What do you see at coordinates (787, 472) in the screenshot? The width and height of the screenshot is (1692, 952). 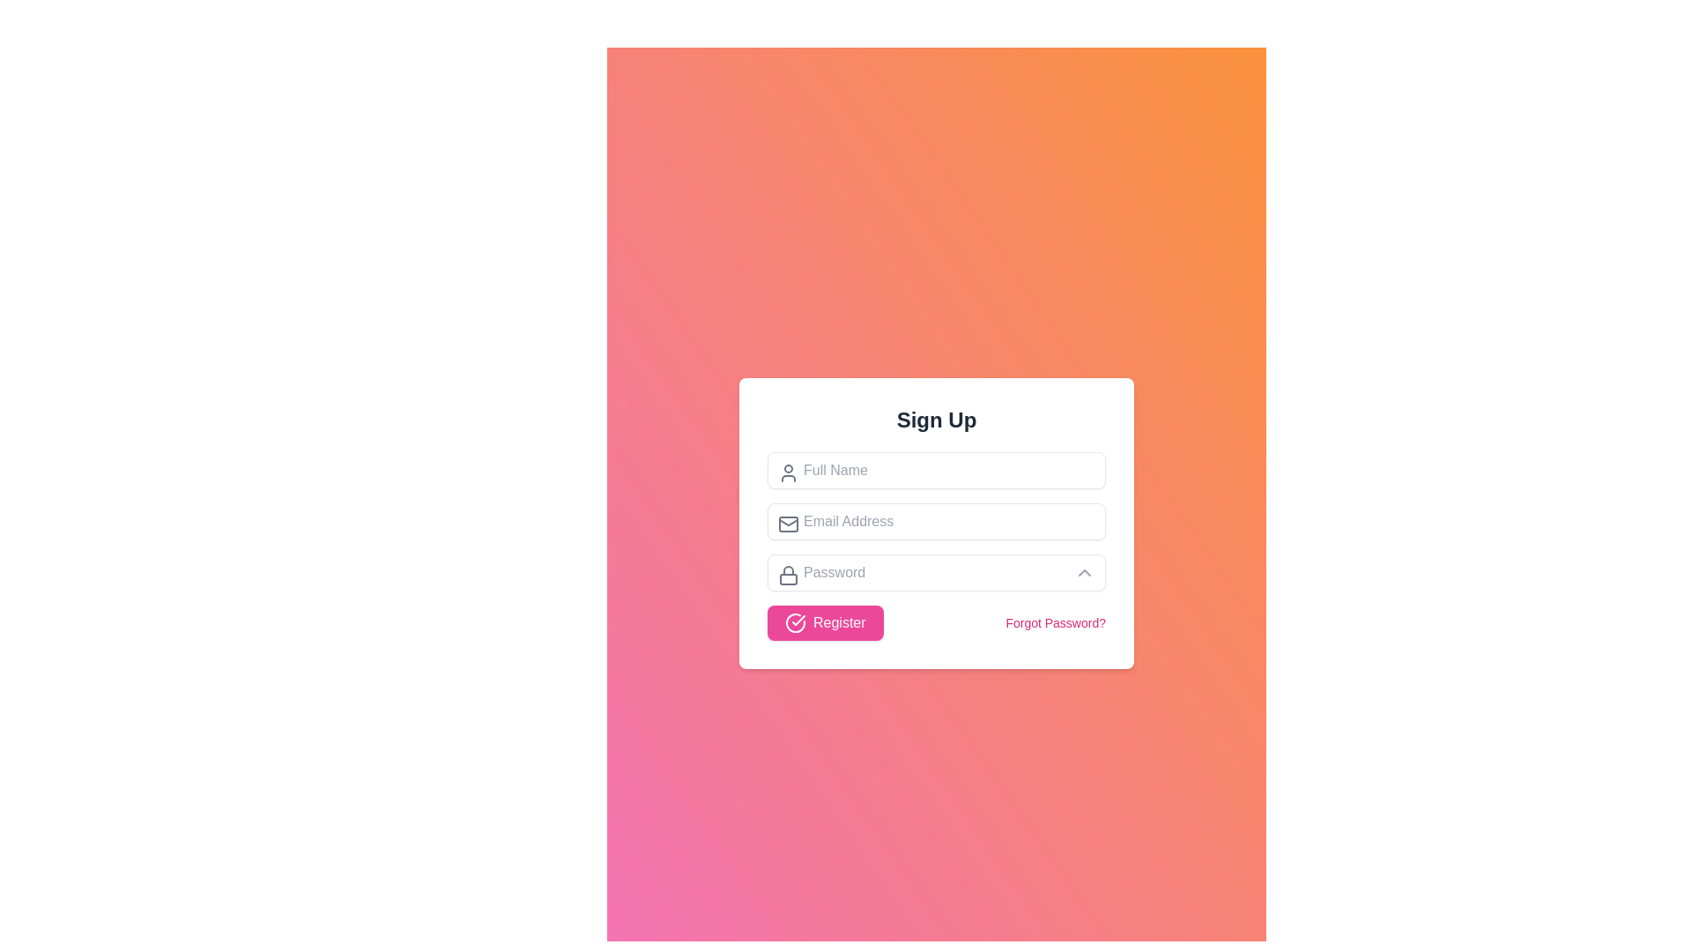 I see `the SVG Icon that serves as a visual label for the adjacent input field labeled 'Full Name', located to the left of the input box` at bounding box center [787, 472].